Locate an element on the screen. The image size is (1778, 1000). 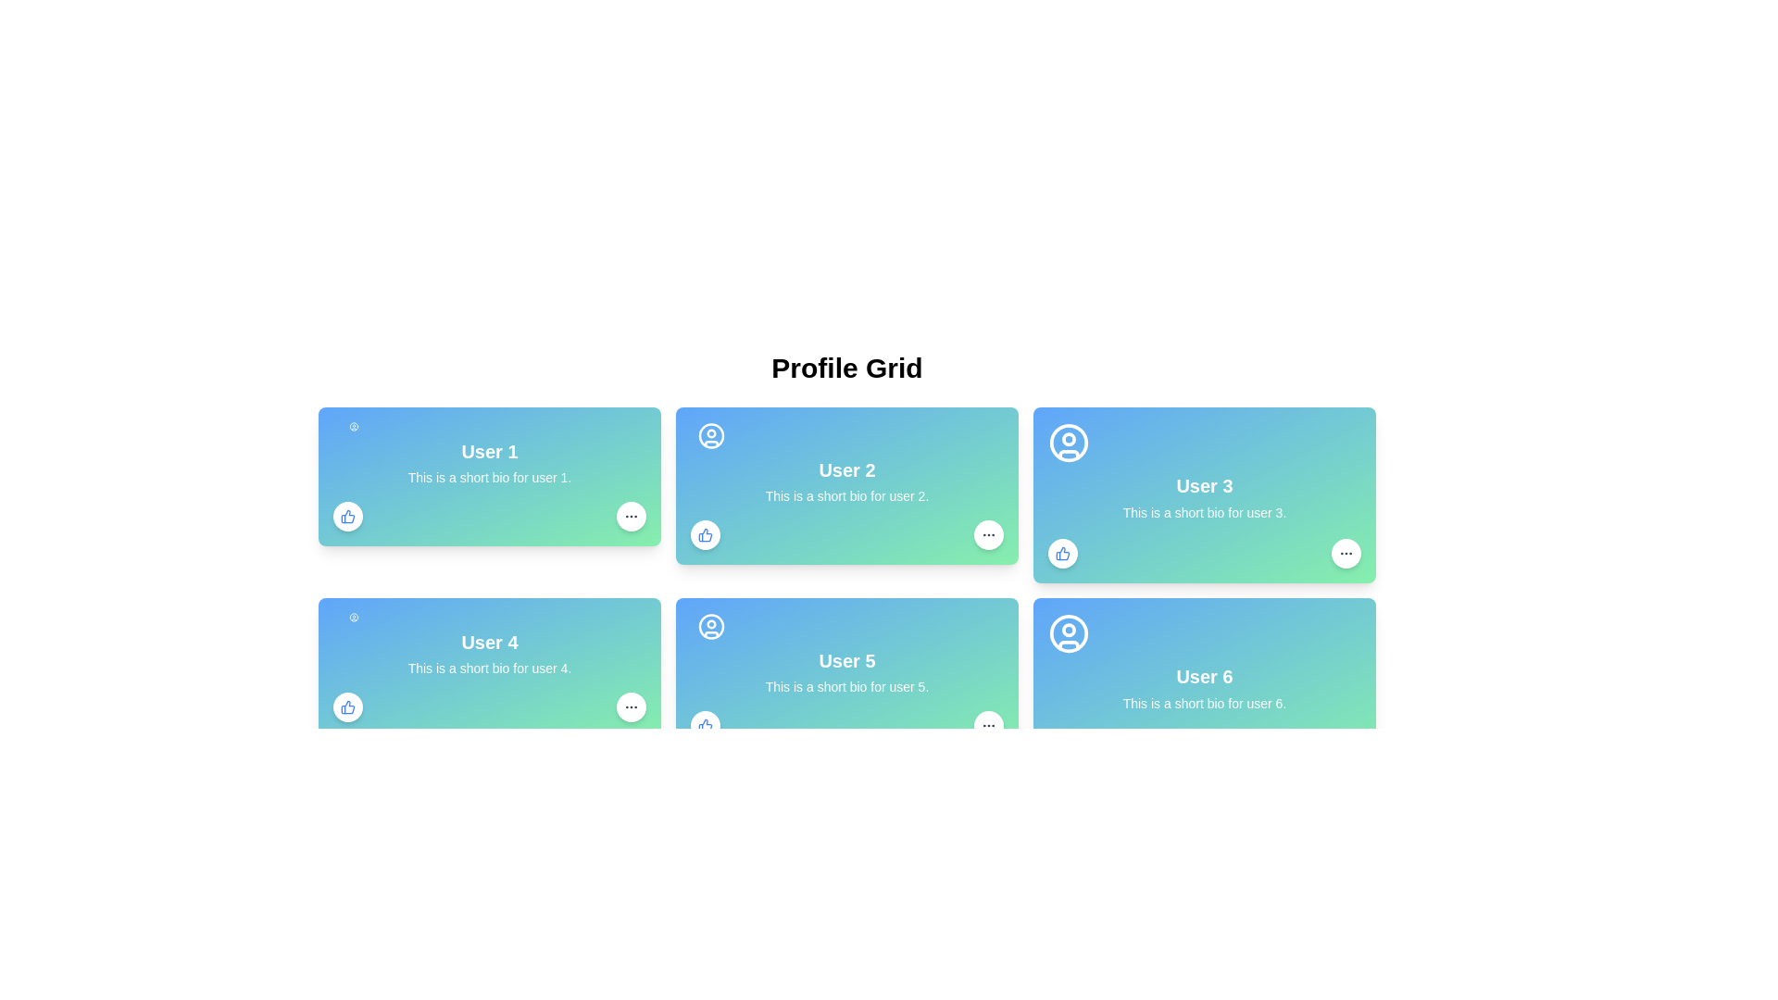
the text label displaying 'User 6' positioned at the top of the sixth card in a 3x2 grid is located at coordinates (1204, 675).